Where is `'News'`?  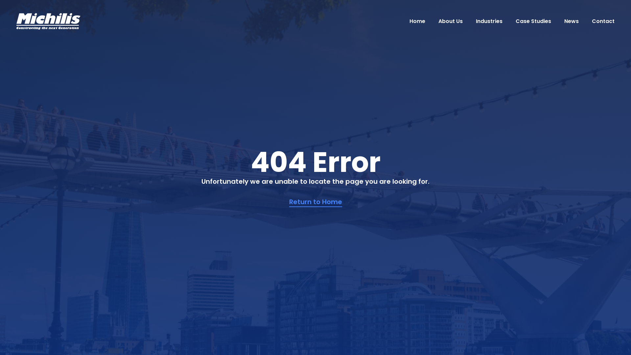
'News' is located at coordinates (571, 21).